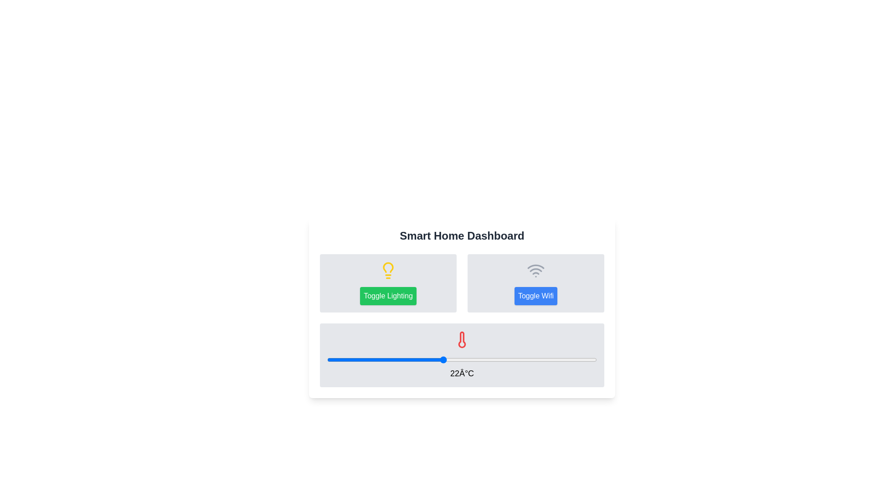  What do you see at coordinates (577, 359) in the screenshot?
I see `the temperature` at bounding box center [577, 359].